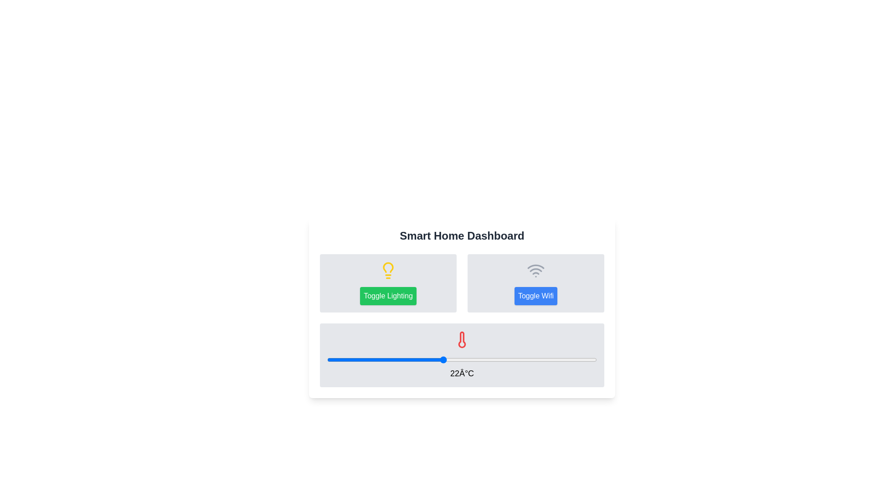  What do you see at coordinates (577, 359) in the screenshot?
I see `the temperature` at bounding box center [577, 359].